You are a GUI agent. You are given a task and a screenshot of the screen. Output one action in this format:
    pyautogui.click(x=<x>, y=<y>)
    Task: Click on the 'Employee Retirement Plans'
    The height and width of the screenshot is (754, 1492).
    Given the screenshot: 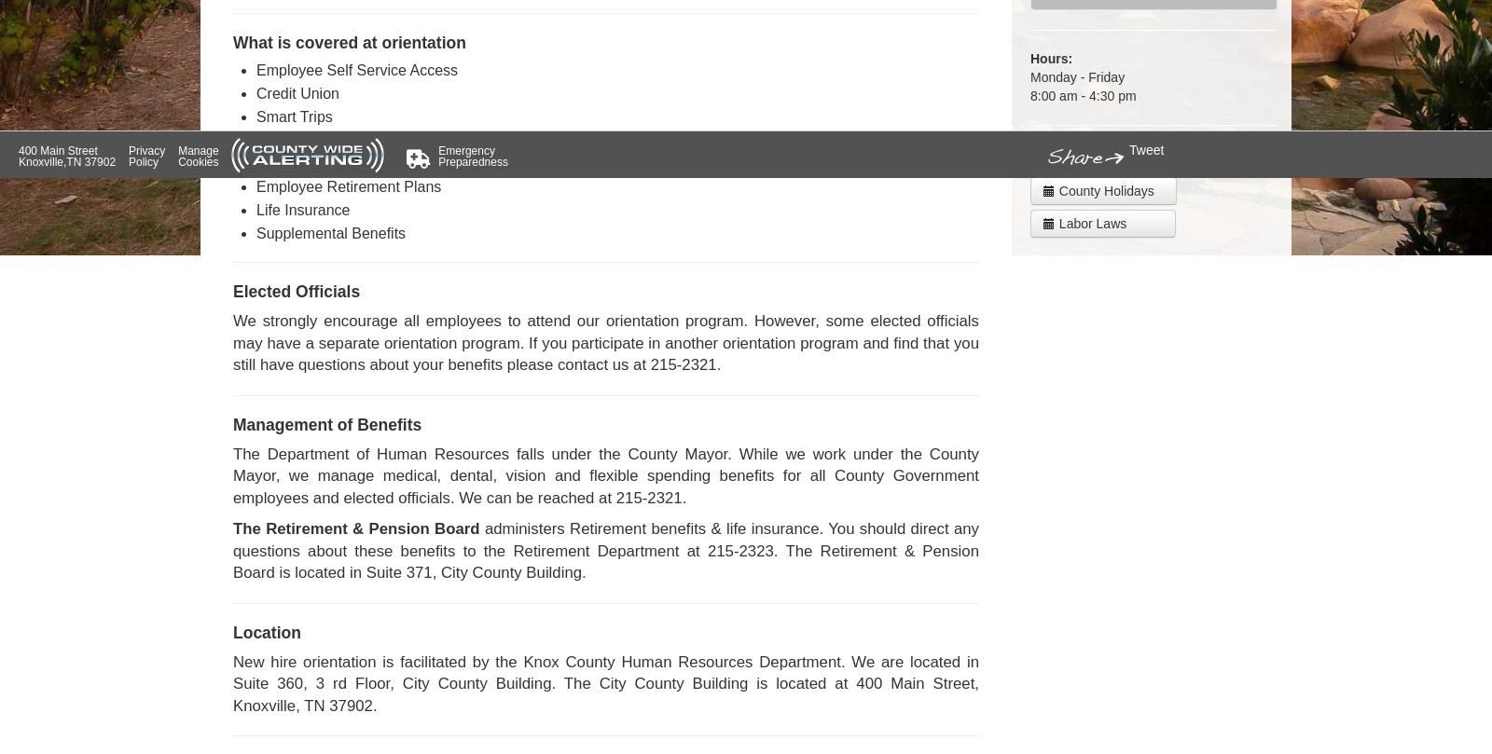 What is the action you would take?
    pyautogui.click(x=349, y=185)
    